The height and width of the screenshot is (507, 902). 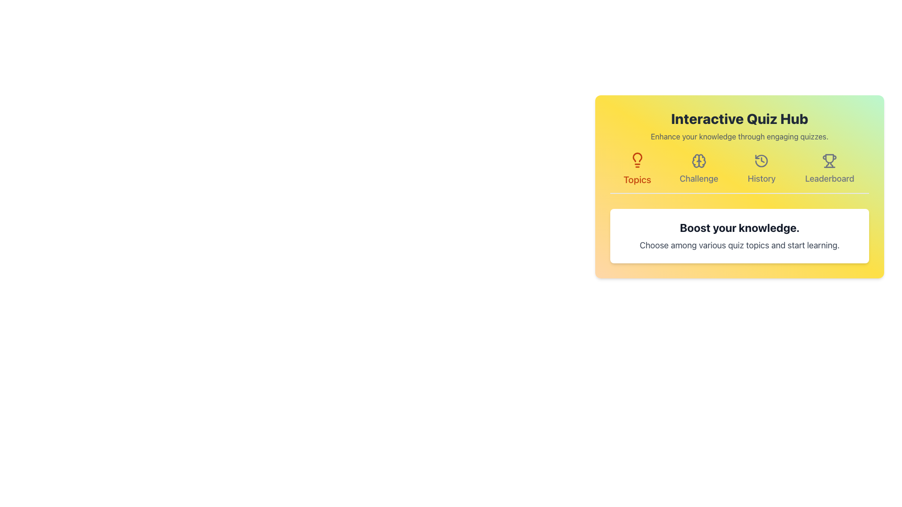 What do you see at coordinates (638, 179) in the screenshot?
I see `the clickable text label for 'Topics' located under the lightbulb icon in the navigation menu` at bounding box center [638, 179].